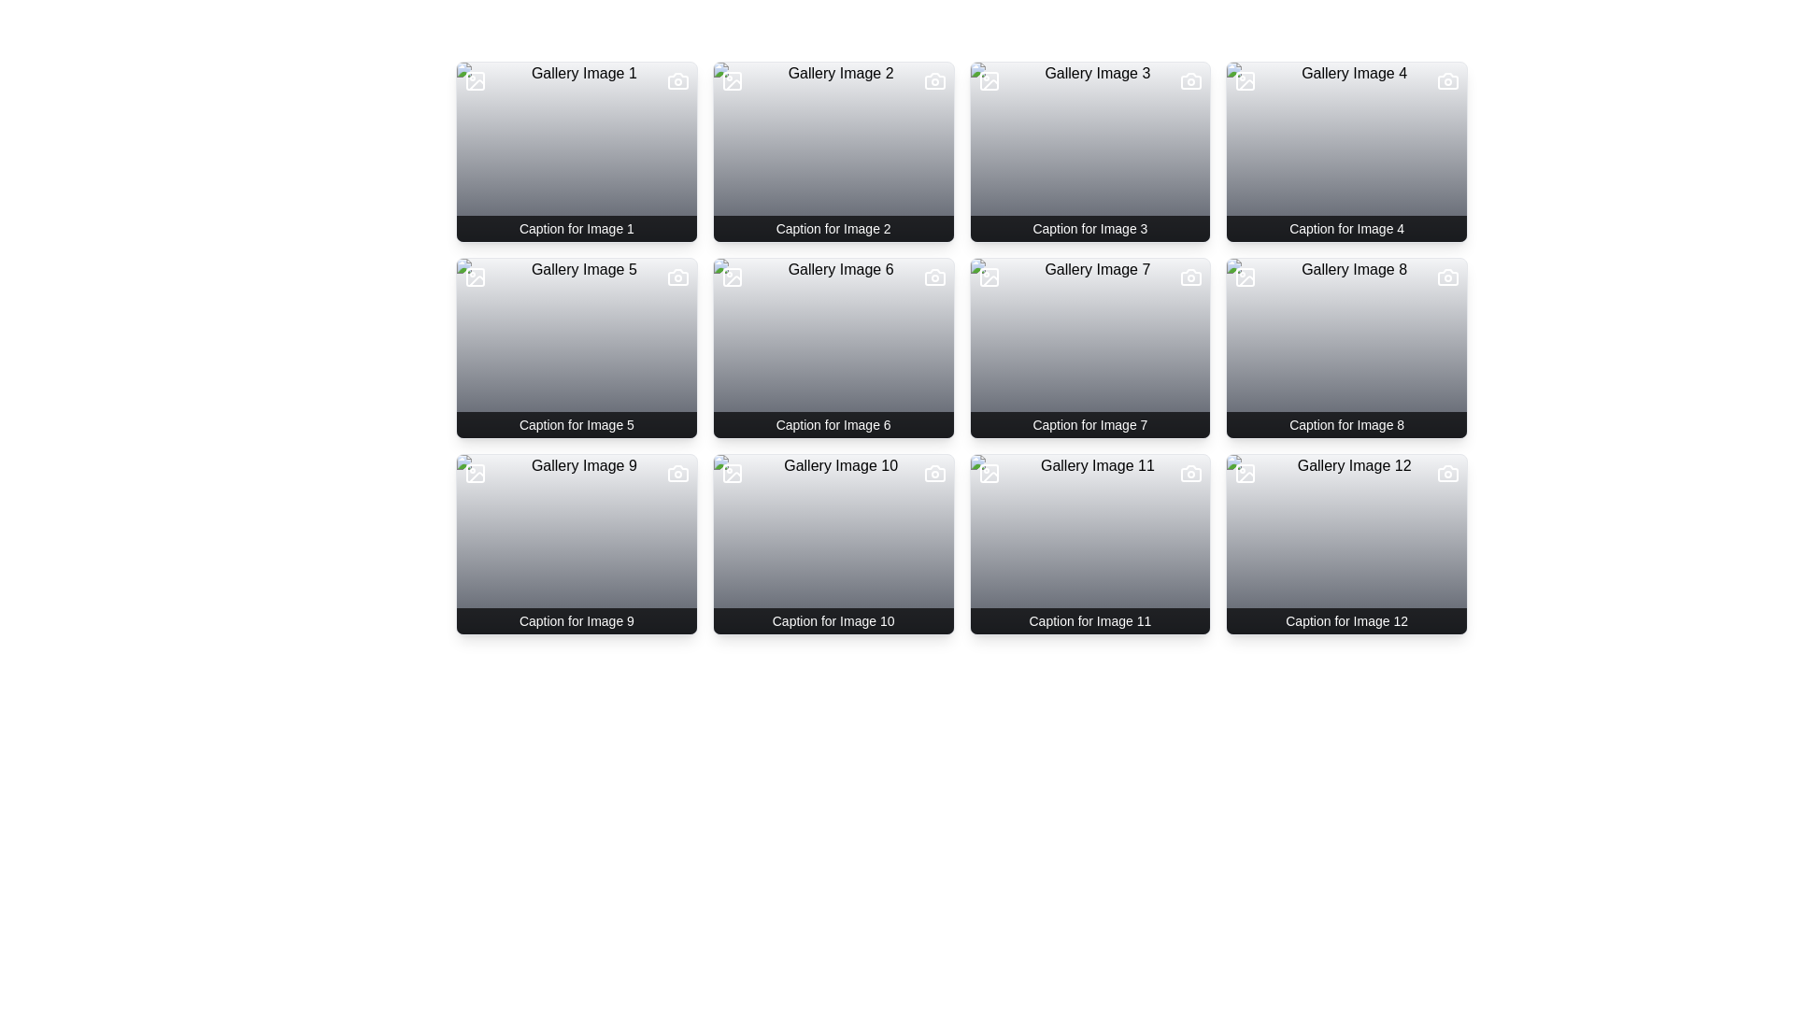 The image size is (1794, 1009). Describe the element at coordinates (1246, 80) in the screenshot. I see `the Decorative SVG shape (rounded rectangle) within the gallery card labeled 'Gallery Image 4', located in the top-left corner of the card` at that location.